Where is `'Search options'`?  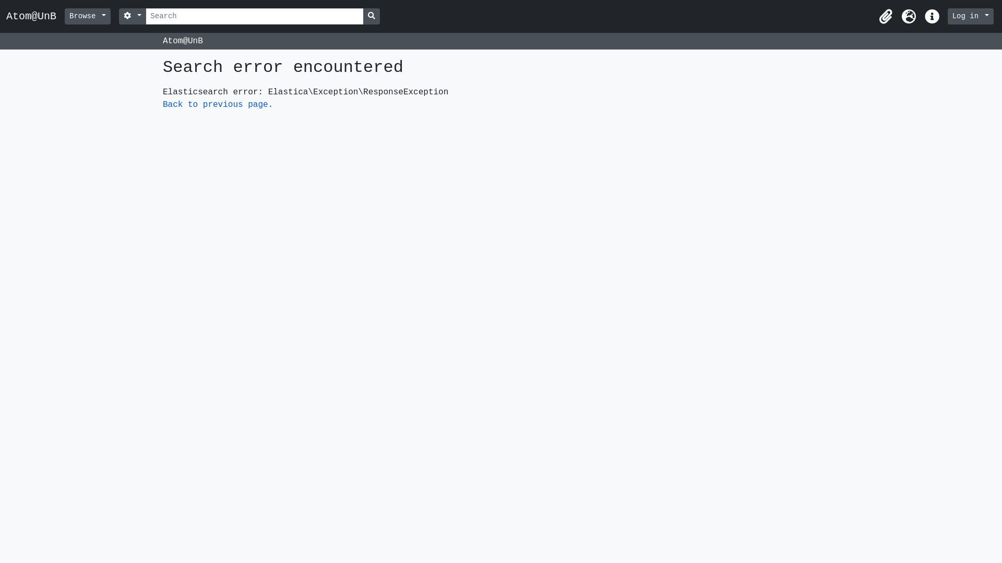
'Search options' is located at coordinates (132, 16).